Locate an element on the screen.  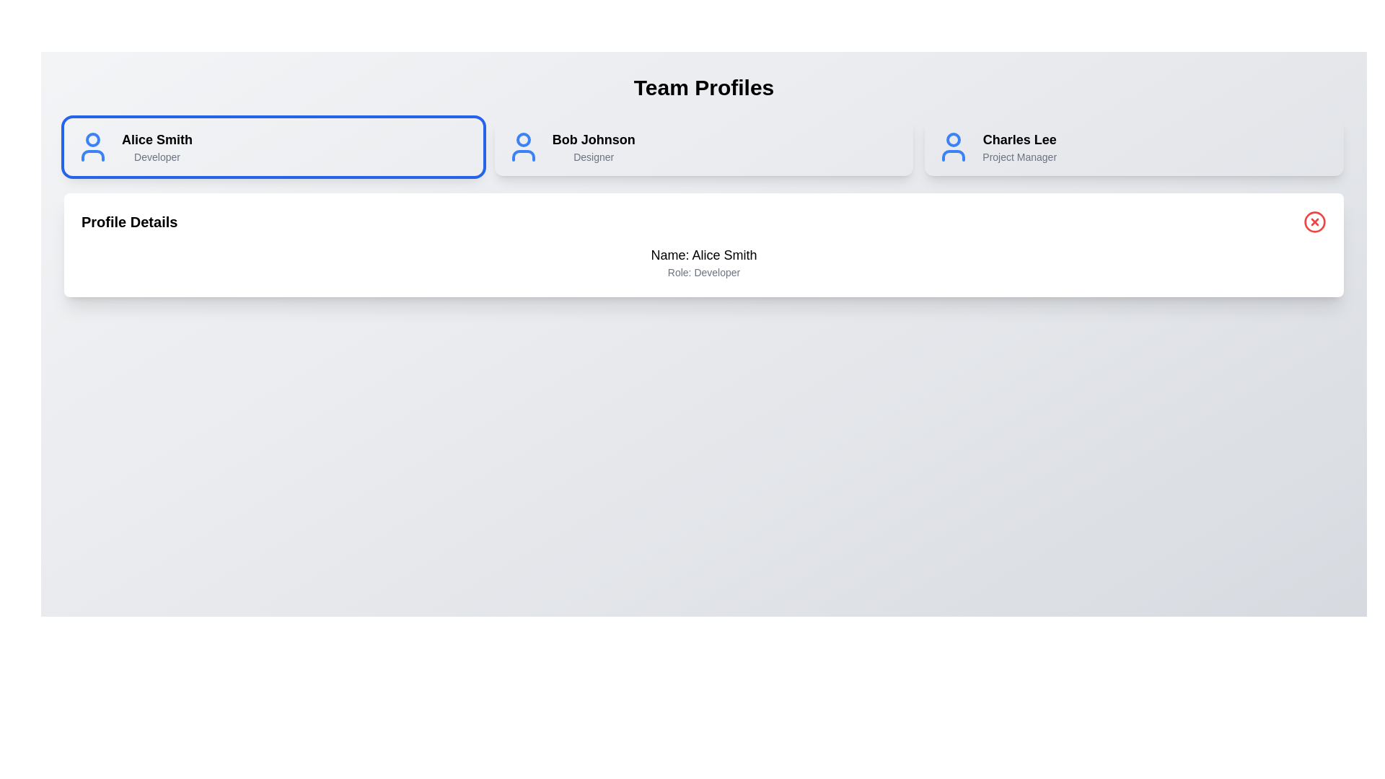
the profile card representing 'Bob Johnson', the second card in a row of three profile cards is located at coordinates (703, 147).